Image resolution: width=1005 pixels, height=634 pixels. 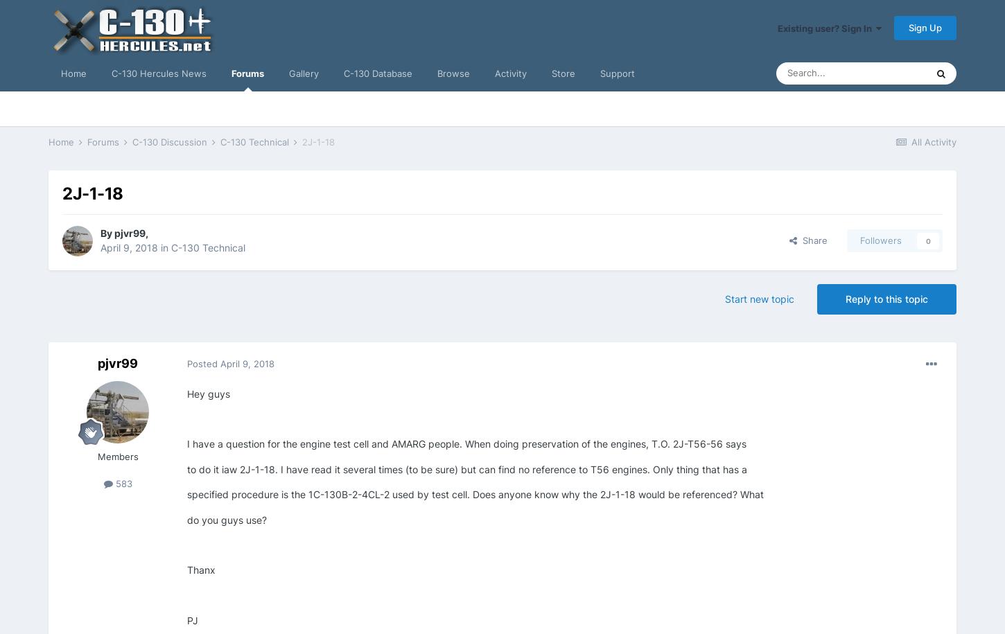 What do you see at coordinates (466, 468) in the screenshot?
I see `'to do it iaw 2J-1-18. I have read it several times (to be sure) but can find no reference to T56 engines. Only thing that has a'` at bounding box center [466, 468].